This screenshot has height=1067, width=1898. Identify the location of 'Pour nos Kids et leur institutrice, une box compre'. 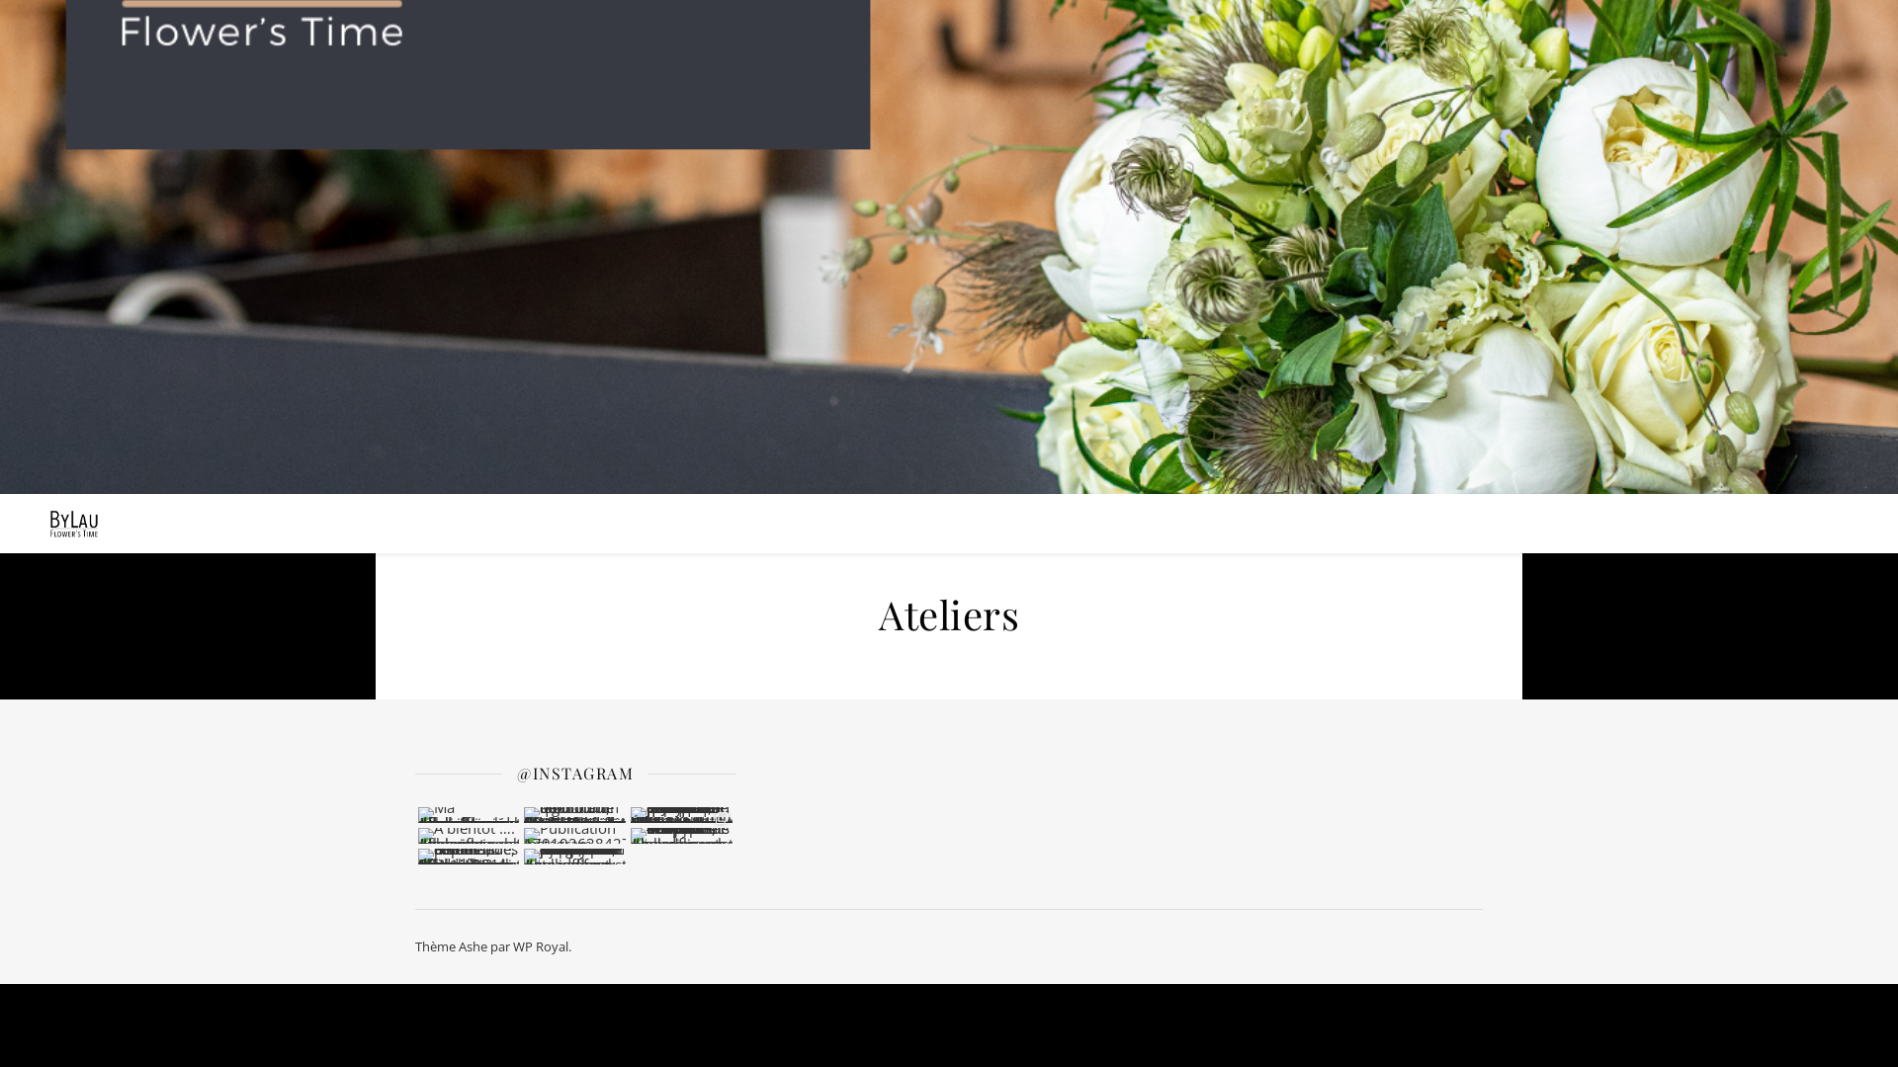
(573, 856).